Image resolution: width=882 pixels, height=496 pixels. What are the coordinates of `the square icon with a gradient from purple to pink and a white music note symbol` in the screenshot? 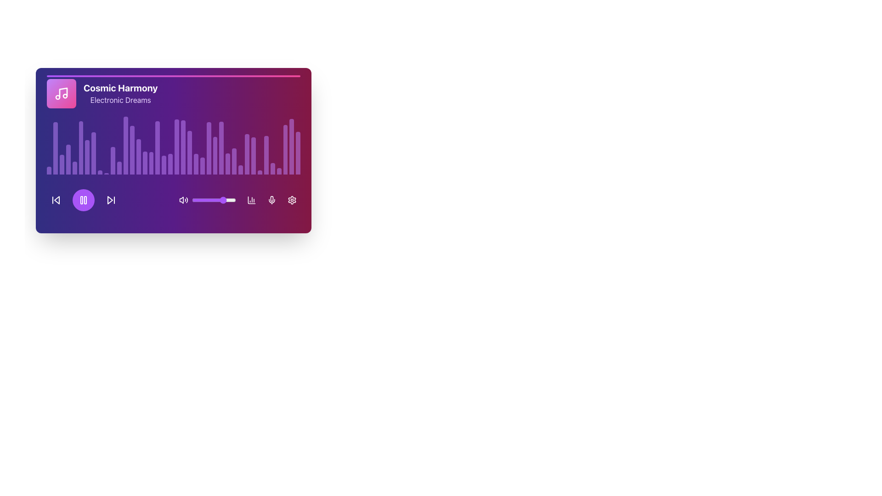 It's located at (61, 94).